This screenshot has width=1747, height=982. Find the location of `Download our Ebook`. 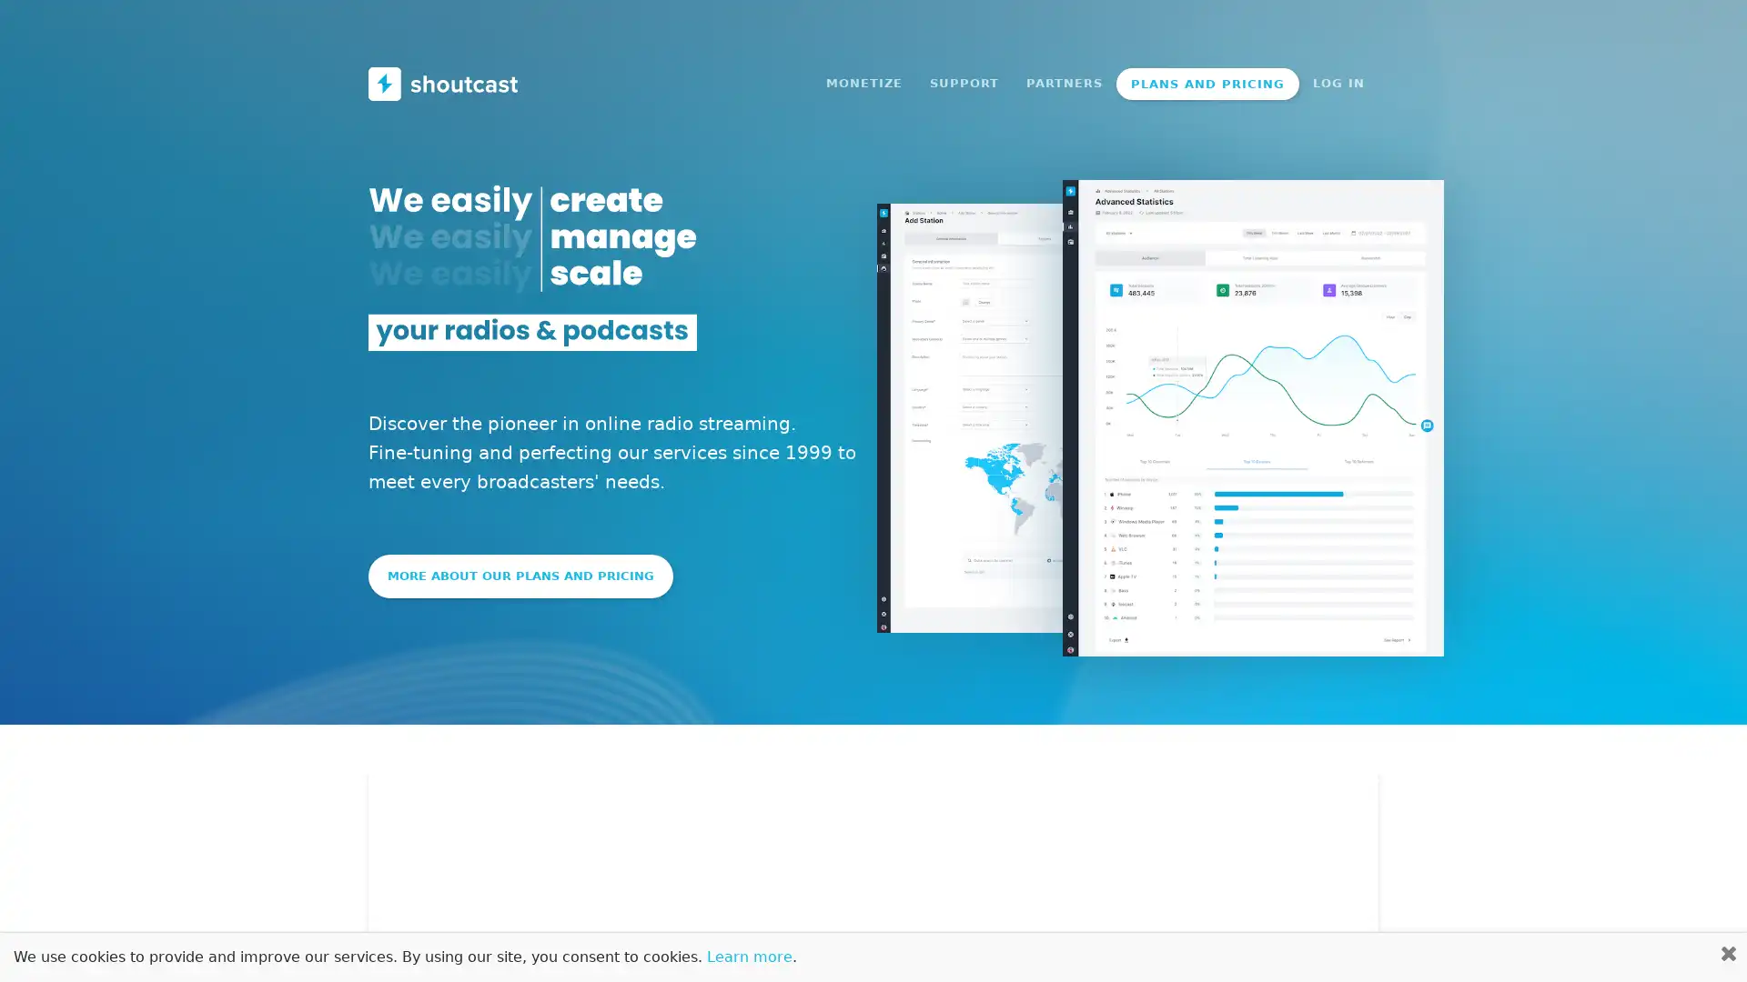

Download our Ebook is located at coordinates (1030, 21).